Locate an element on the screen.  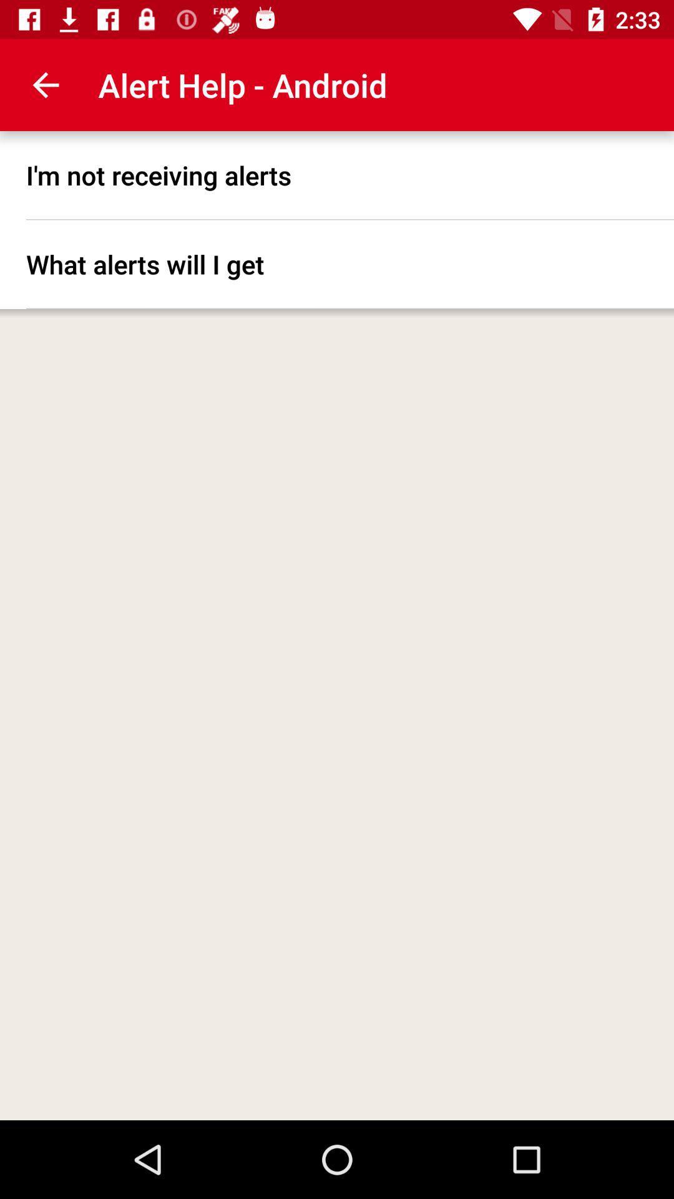
app to the left of the alert help - android item is located at coordinates (45, 84).